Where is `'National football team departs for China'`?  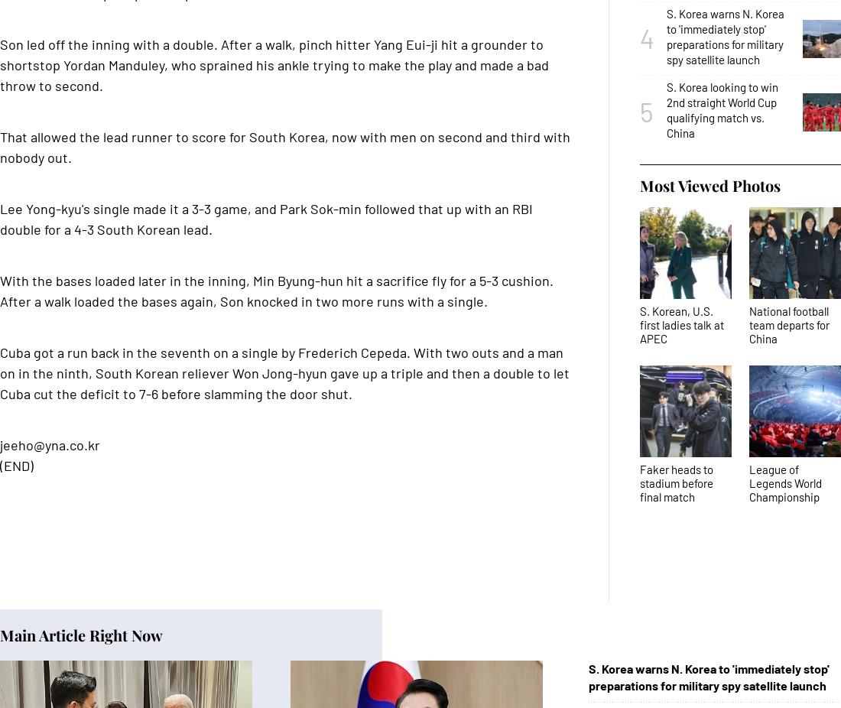 'National football team departs for China' is located at coordinates (748, 325).